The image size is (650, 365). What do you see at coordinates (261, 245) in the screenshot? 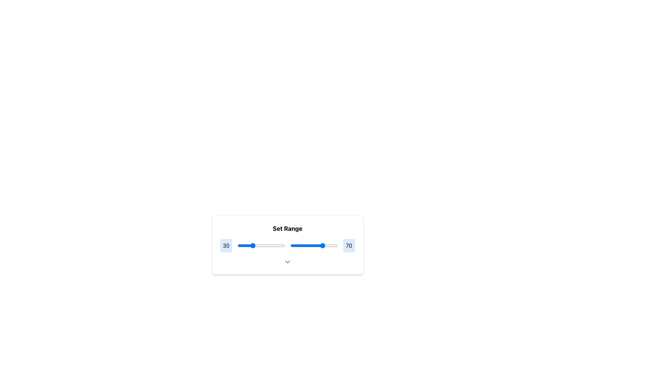
I see `the thumb of the slider that adjusts a numeric value within the range of 0 to 100, currently set to 30` at bounding box center [261, 245].